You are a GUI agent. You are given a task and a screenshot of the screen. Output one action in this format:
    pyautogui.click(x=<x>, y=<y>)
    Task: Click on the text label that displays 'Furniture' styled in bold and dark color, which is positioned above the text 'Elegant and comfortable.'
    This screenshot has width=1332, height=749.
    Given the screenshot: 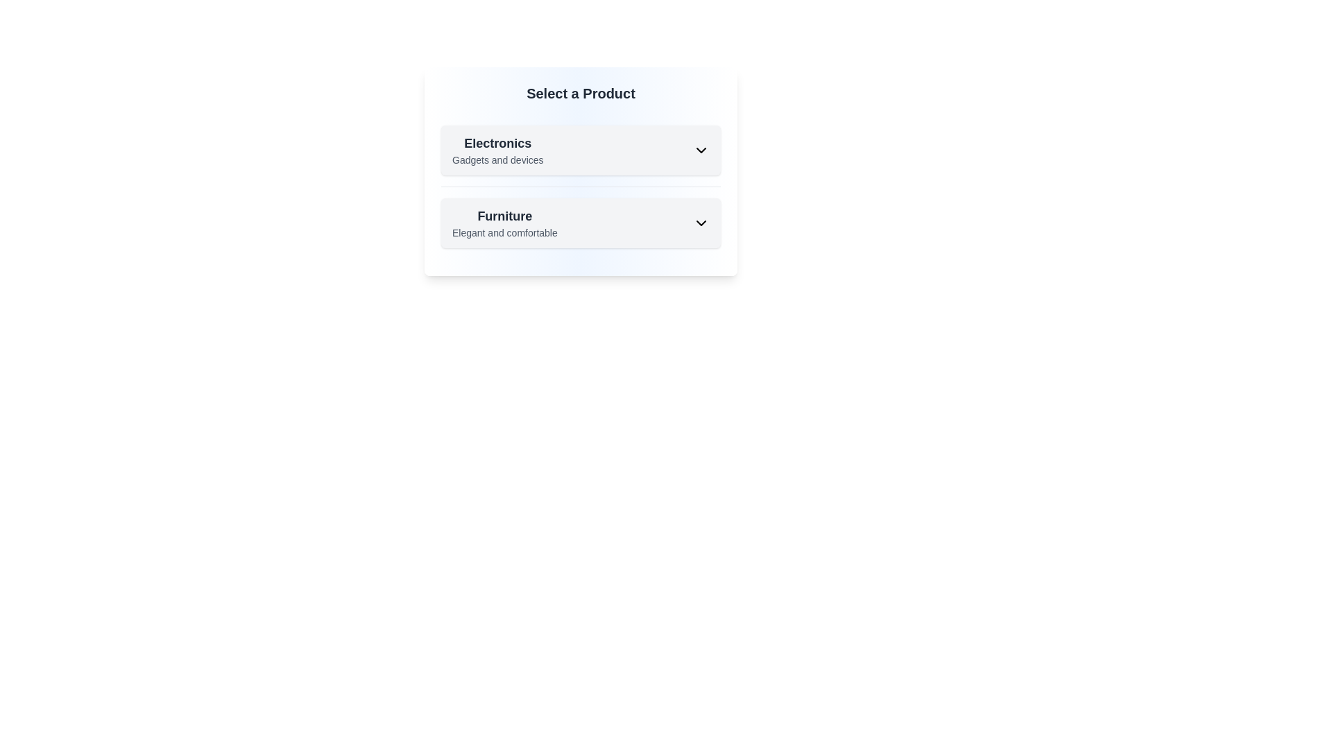 What is the action you would take?
    pyautogui.click(x=504, y=216)
    